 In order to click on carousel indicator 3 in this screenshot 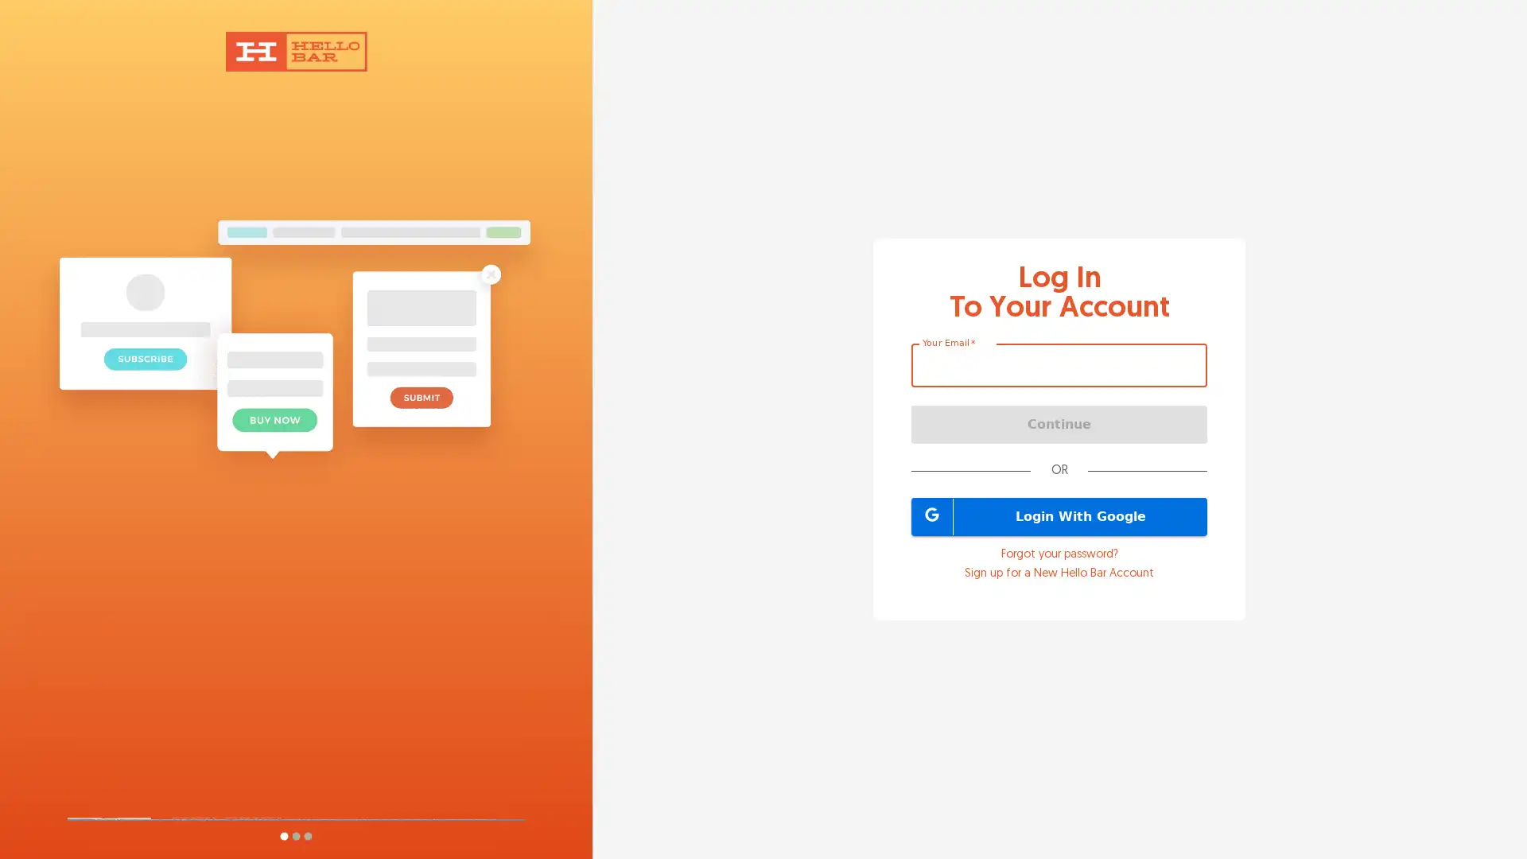, I will do `click(307, 835)`.